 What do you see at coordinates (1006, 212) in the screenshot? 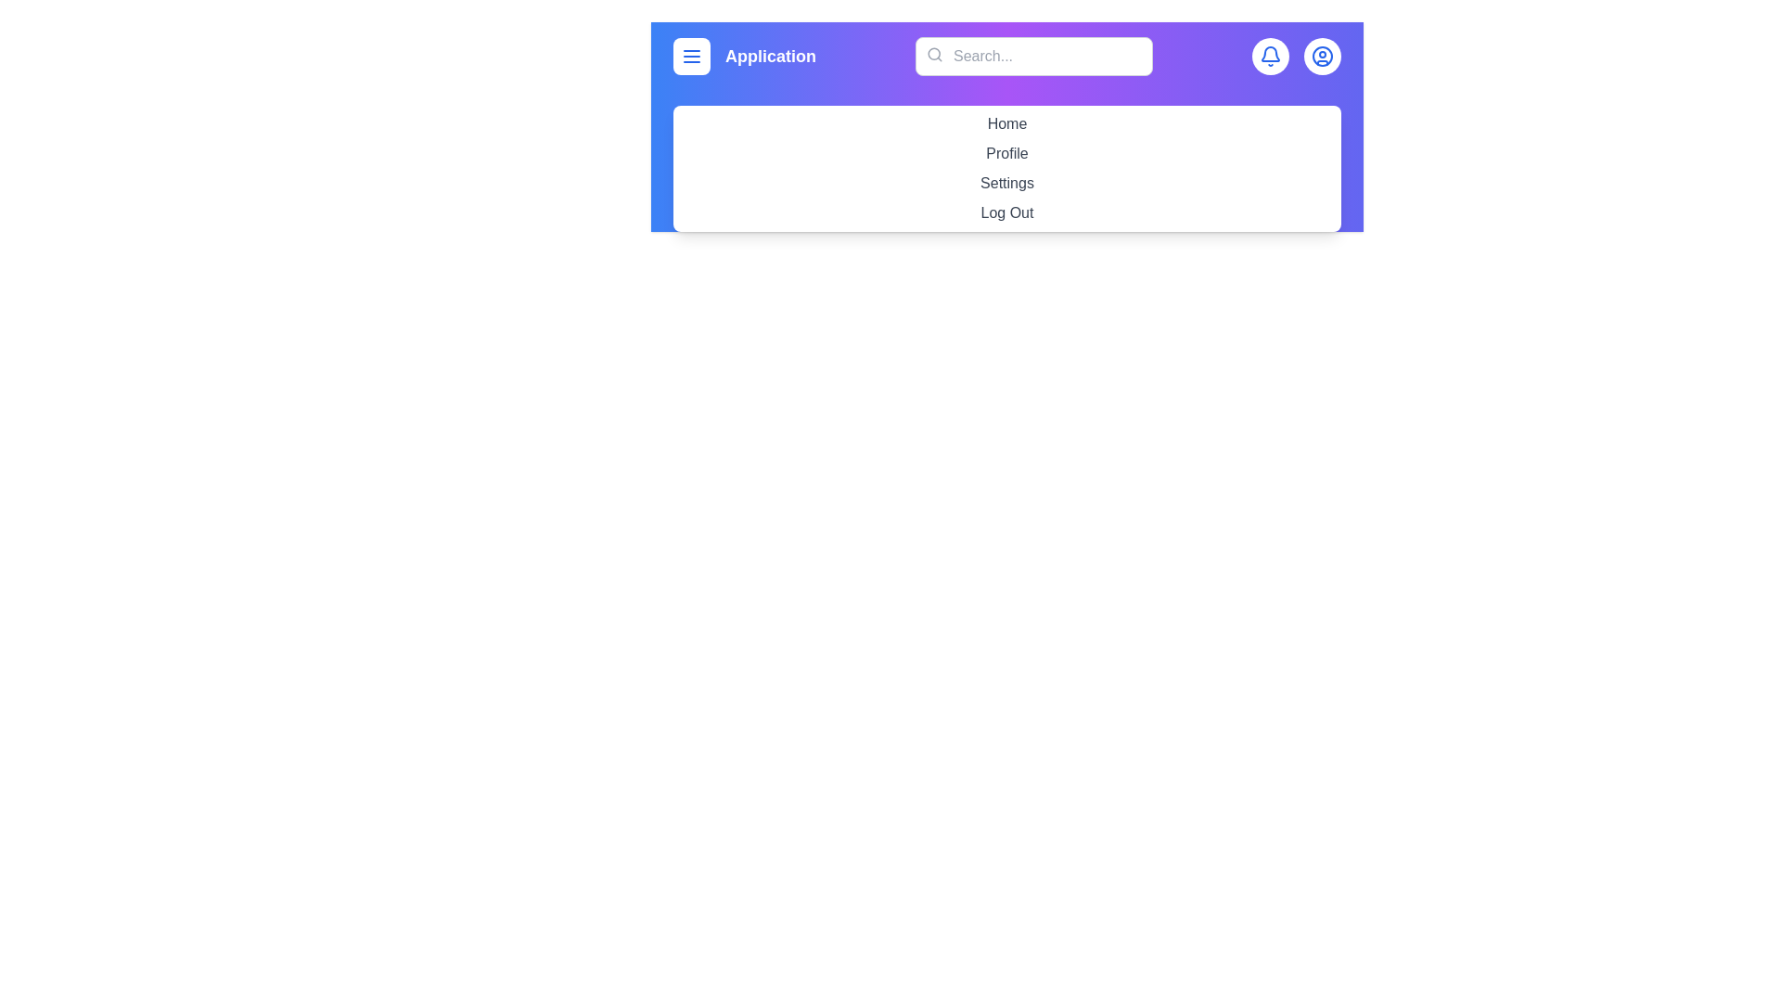
I see `the menu item labeled Log Out to navigate to its respective section` at bounding box center [1006, 212].